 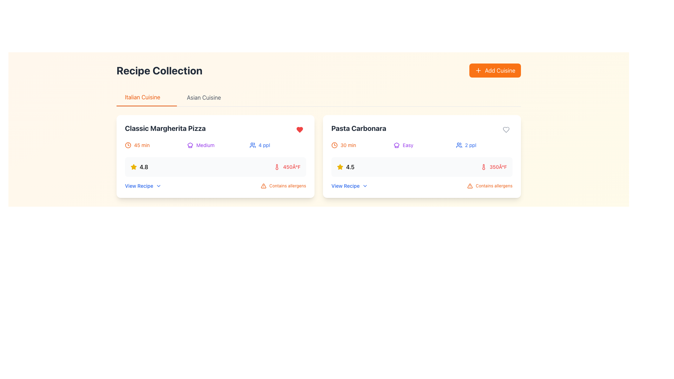 I want to click on the blue user outline icon next to the '2 ppl' label in the bottom information section of the 'Pasta Carbonara' recipe, so click(x=459, y=145).